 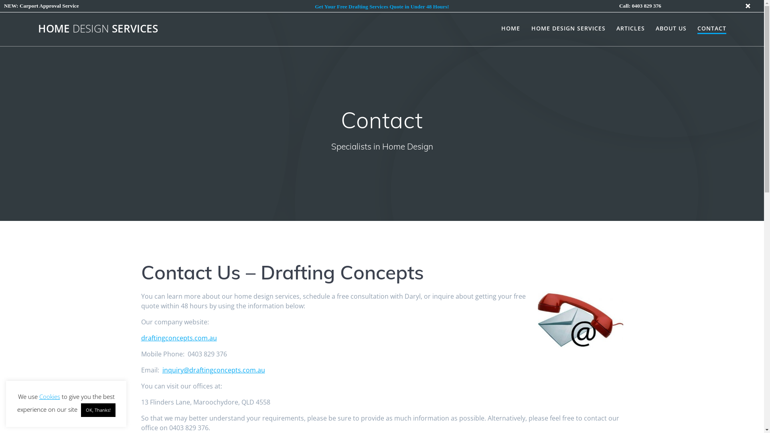 What do you see at coordinates (213, 370) in the screenshot?
I see `'inquiry@draftingconcepts.com.au'` at bounding box center [213, 370].